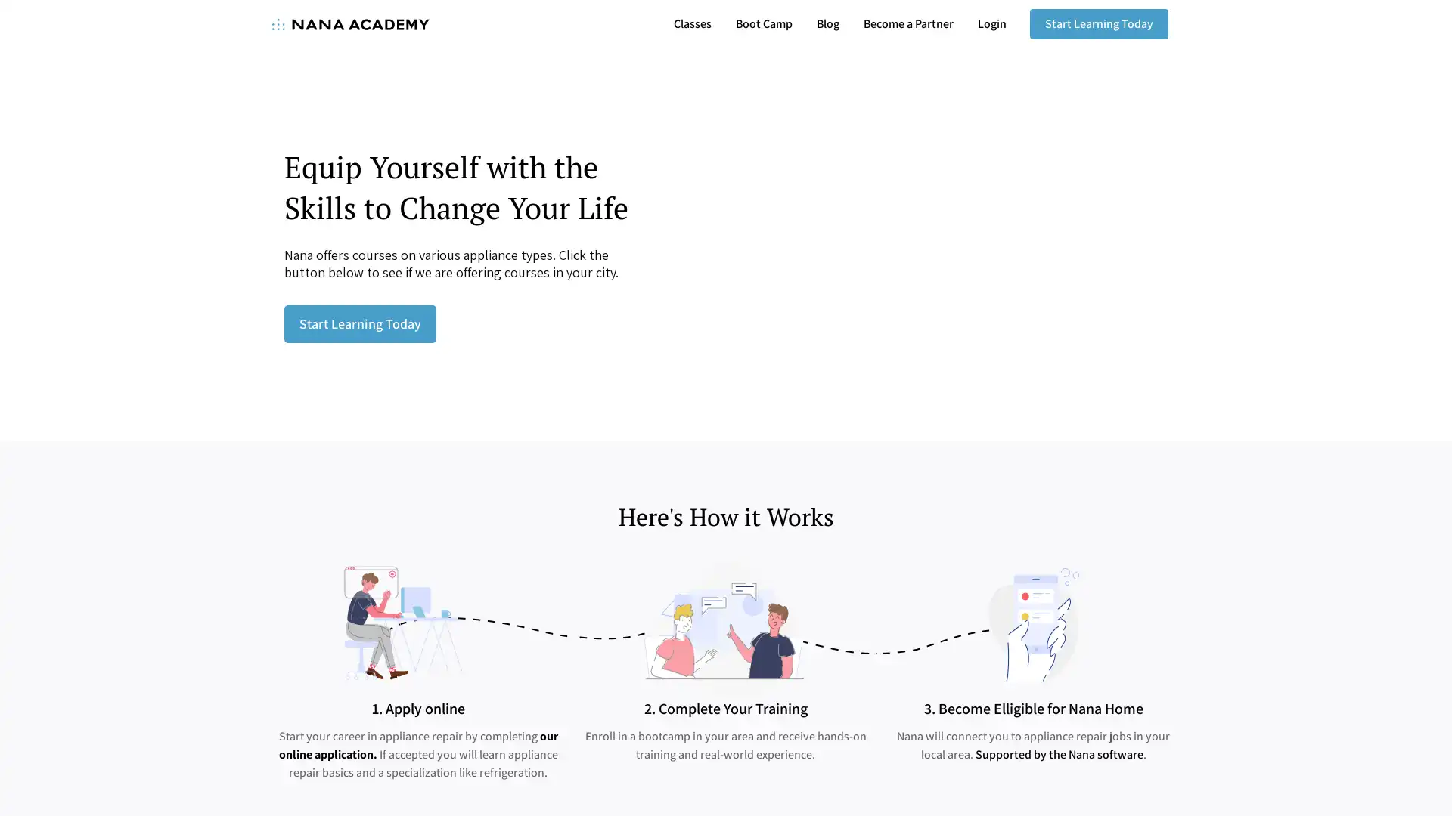 The image size is (1452, 816). Describe the element at coordinates (359, 323) in the screenshot. I see `Start Learning Today` at that location.